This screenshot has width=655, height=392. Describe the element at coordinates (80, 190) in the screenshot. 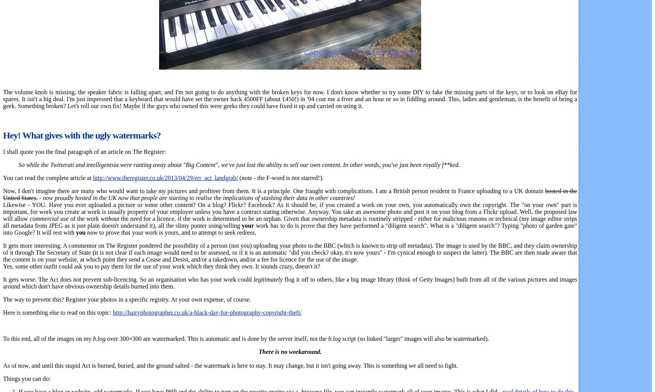

I see `'Now, I don't imagine there are many who would want to take'` at that location.